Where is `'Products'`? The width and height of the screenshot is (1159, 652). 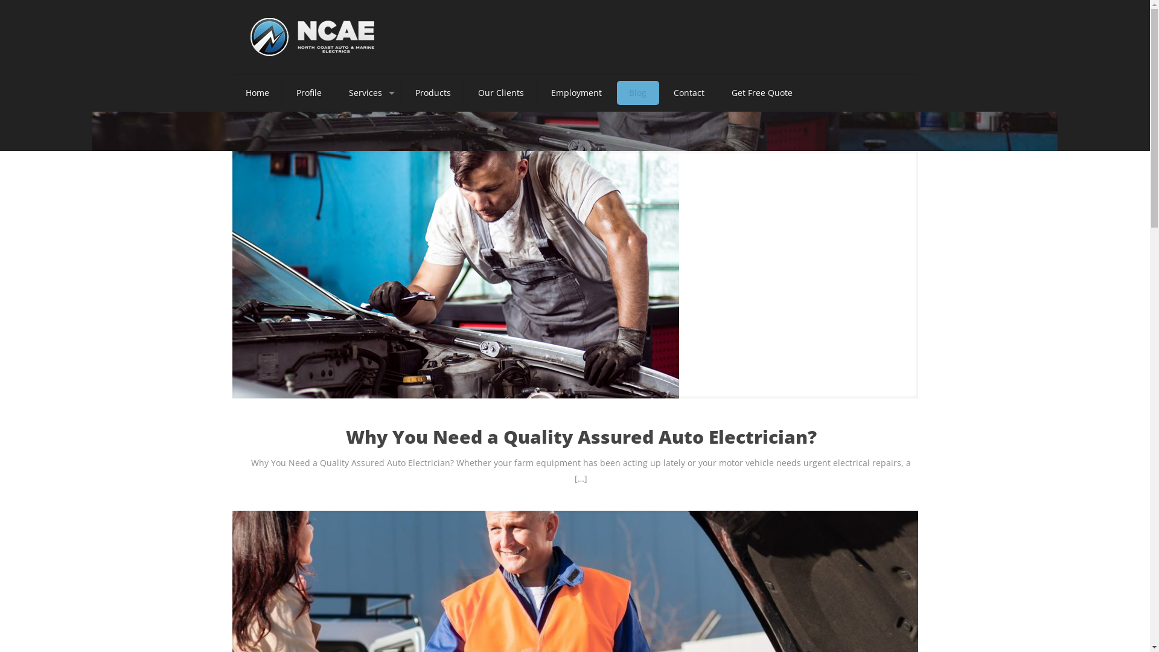
'Products' is located at coordinates (403, 92).